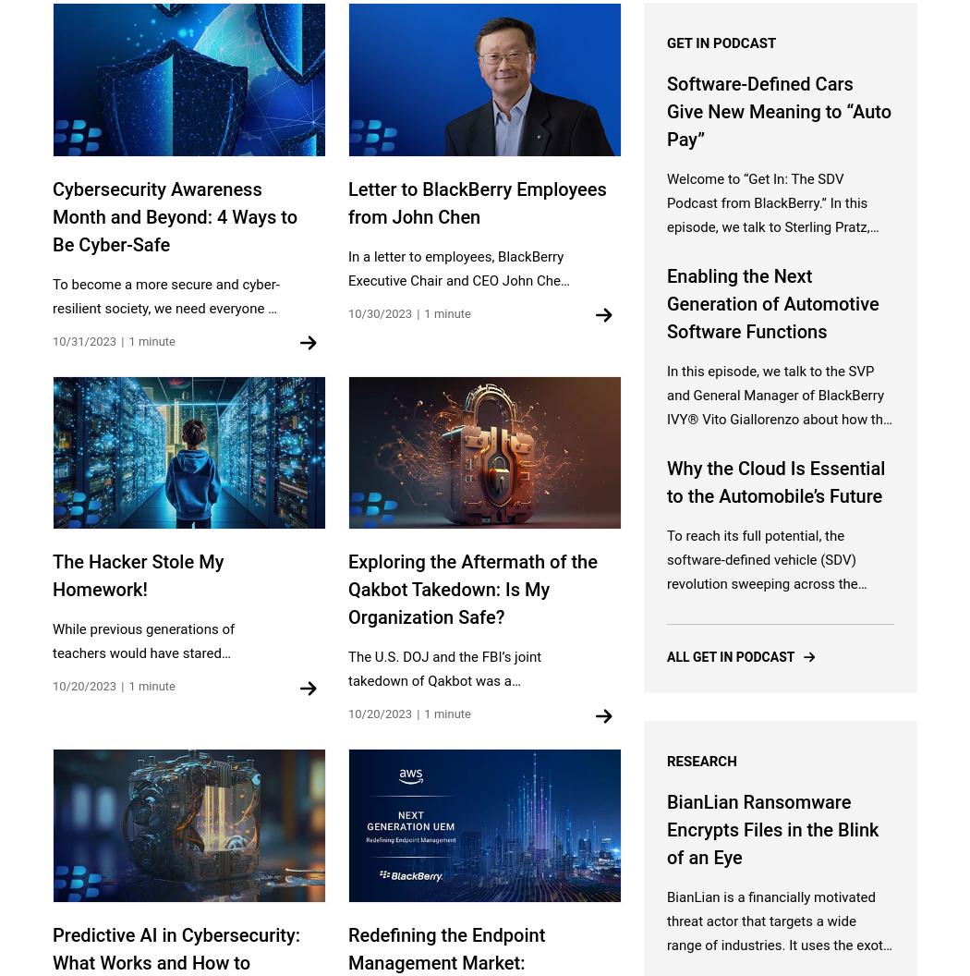  I want to click on '© 2023 BlackBerry Limited. All rights reserved.', so click(203, 898).